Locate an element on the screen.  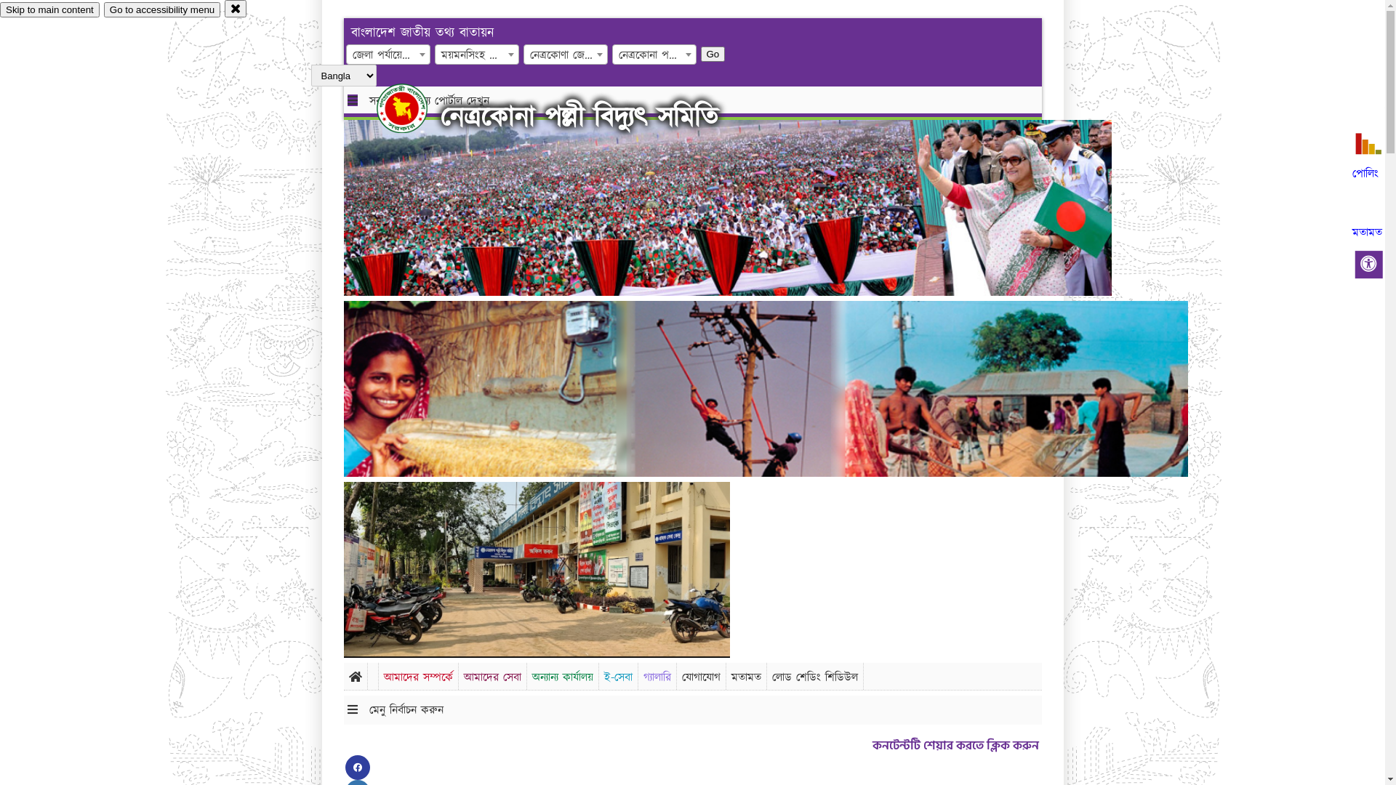
'Skip to main content' is located at coordinates (0, 9).